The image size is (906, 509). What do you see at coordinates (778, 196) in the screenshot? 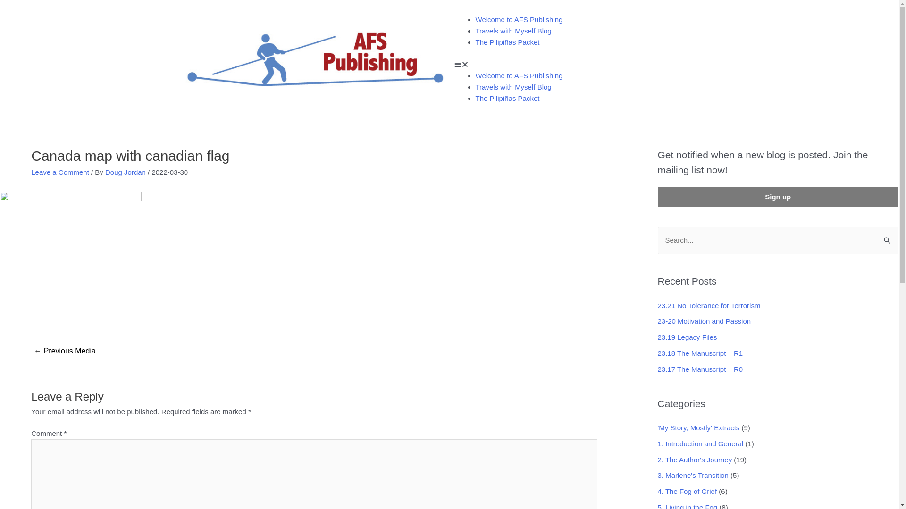
I see `'Sign up'` at bounding box center [778, 196].